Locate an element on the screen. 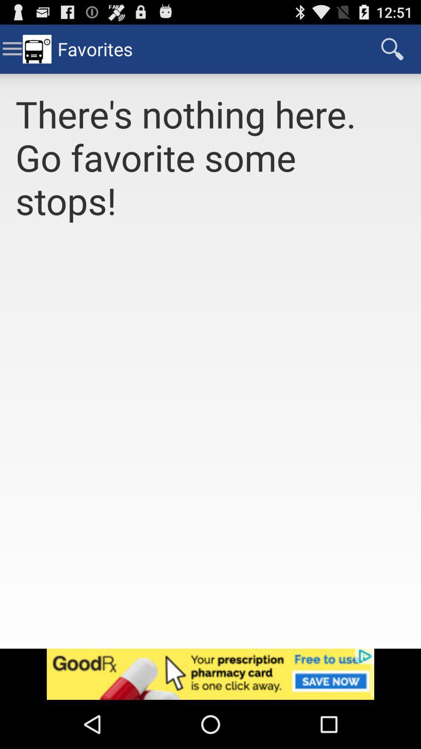 Image resolution: width=421 pixels, height=749 pixels. advertisement is located at coordinates (210, 674).